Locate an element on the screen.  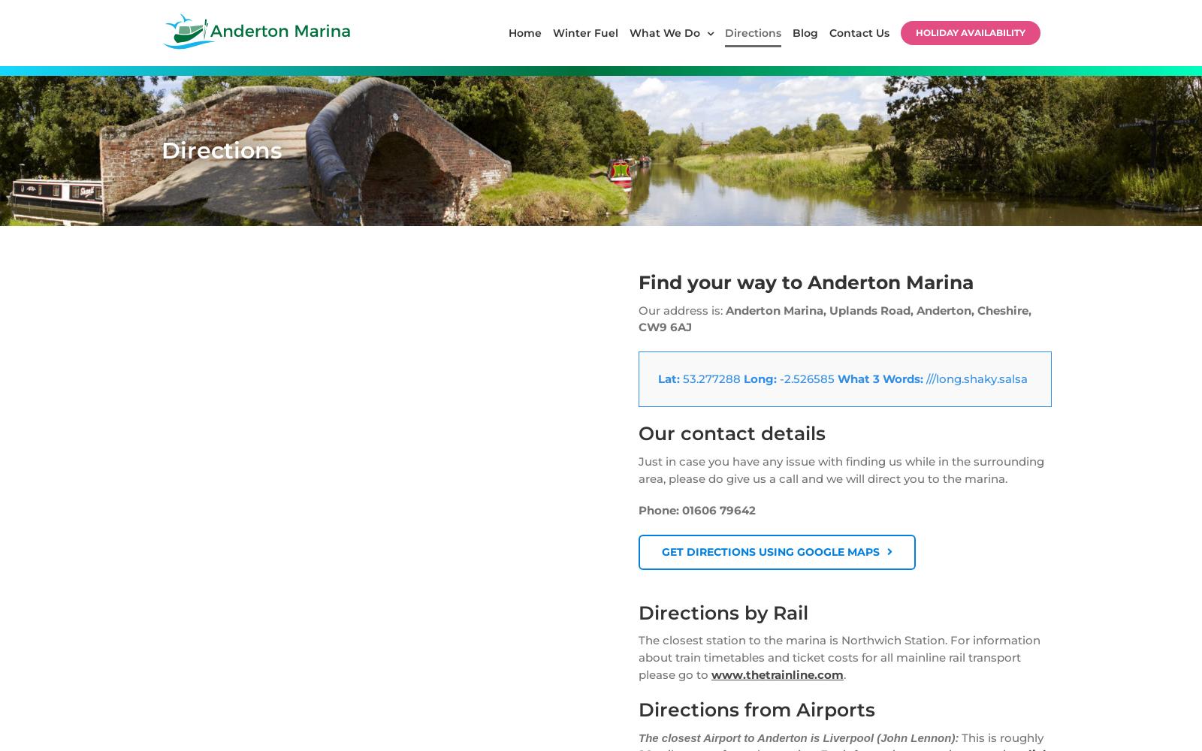
'Route Information' is located at coordinates (672, 307).